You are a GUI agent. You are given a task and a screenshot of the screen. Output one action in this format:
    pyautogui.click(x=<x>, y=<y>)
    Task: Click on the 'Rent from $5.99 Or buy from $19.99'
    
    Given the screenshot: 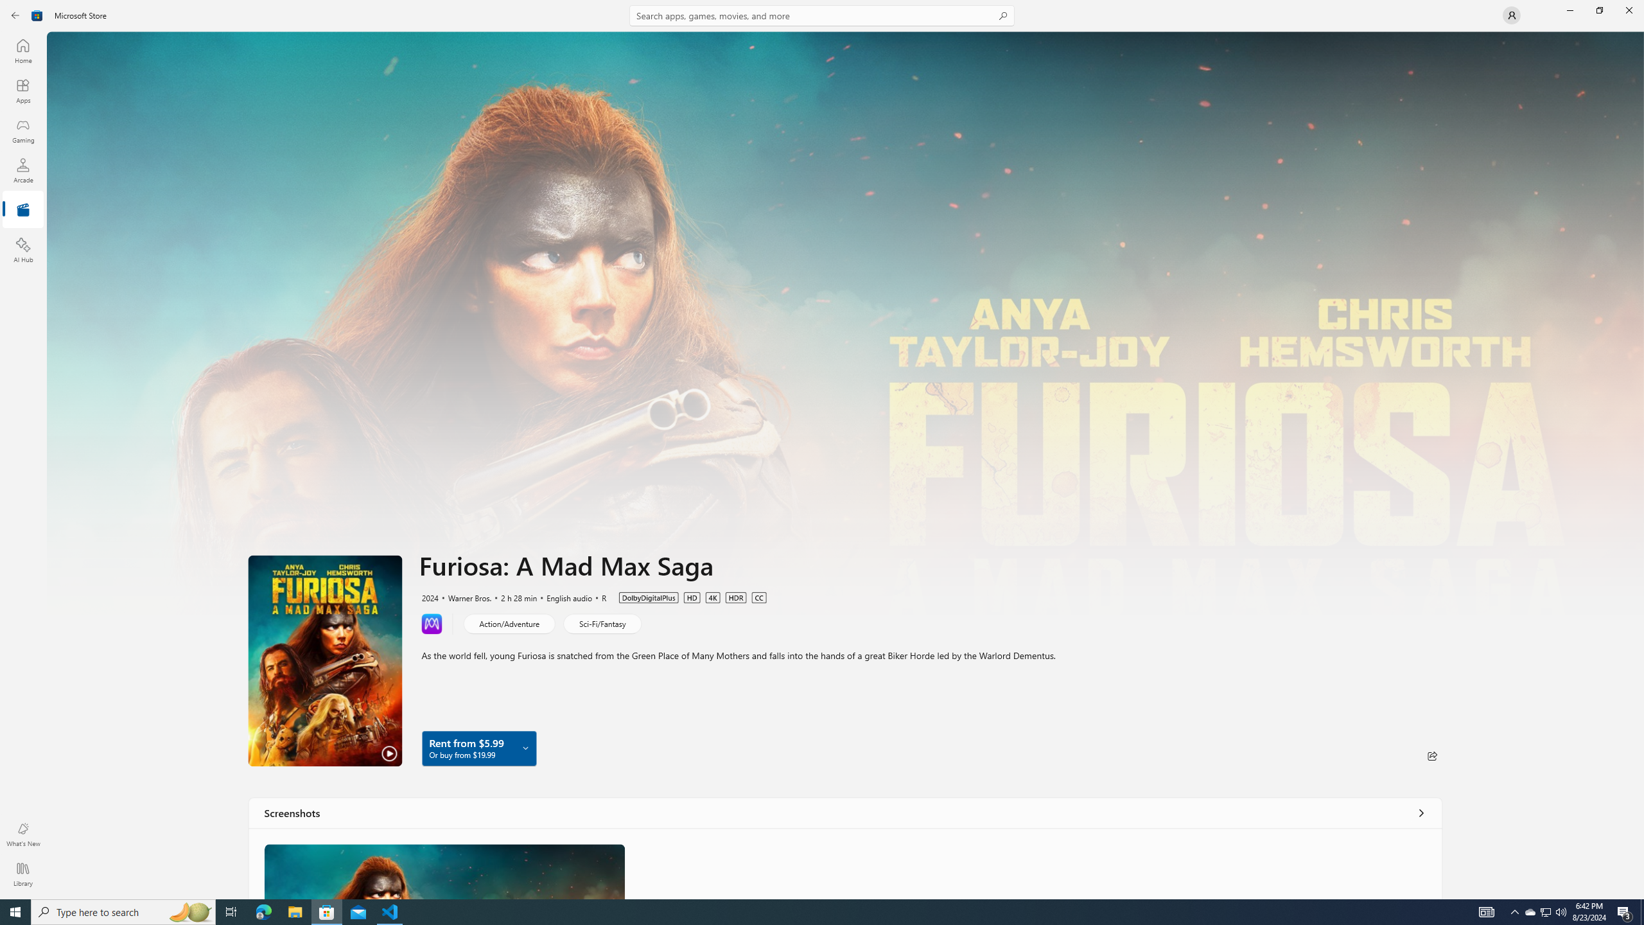 What is the action you would take?
    pyautogui.click(x=478, y=748)
    